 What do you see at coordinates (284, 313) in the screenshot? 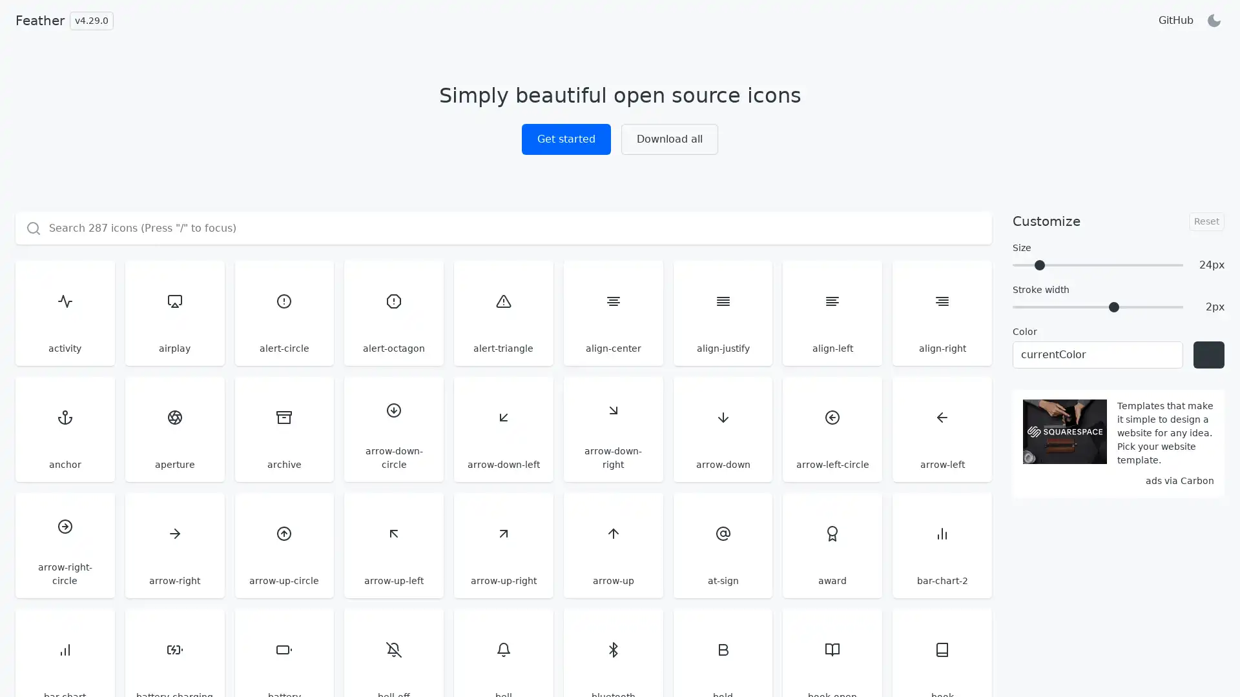
I see `alert-circle` at bounding box center [284, 313].